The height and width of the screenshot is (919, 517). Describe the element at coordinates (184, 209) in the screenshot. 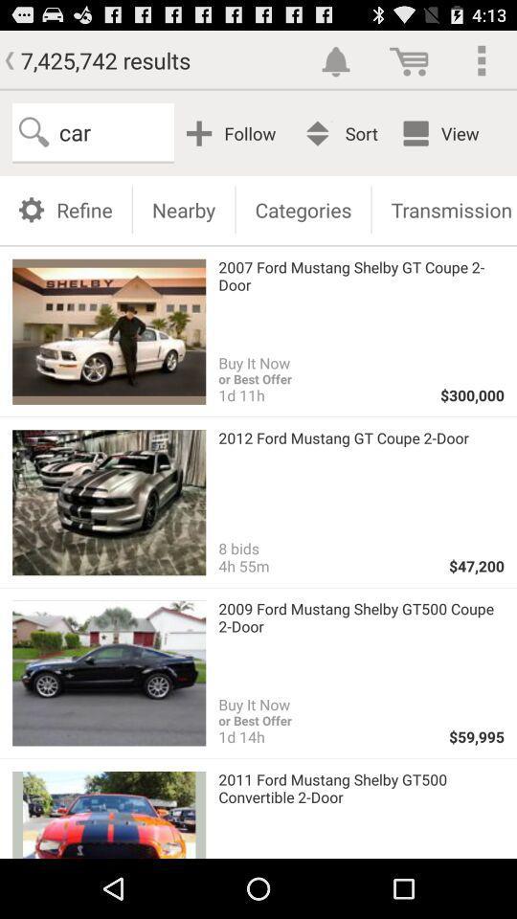

I see `the nearby item` at that location.